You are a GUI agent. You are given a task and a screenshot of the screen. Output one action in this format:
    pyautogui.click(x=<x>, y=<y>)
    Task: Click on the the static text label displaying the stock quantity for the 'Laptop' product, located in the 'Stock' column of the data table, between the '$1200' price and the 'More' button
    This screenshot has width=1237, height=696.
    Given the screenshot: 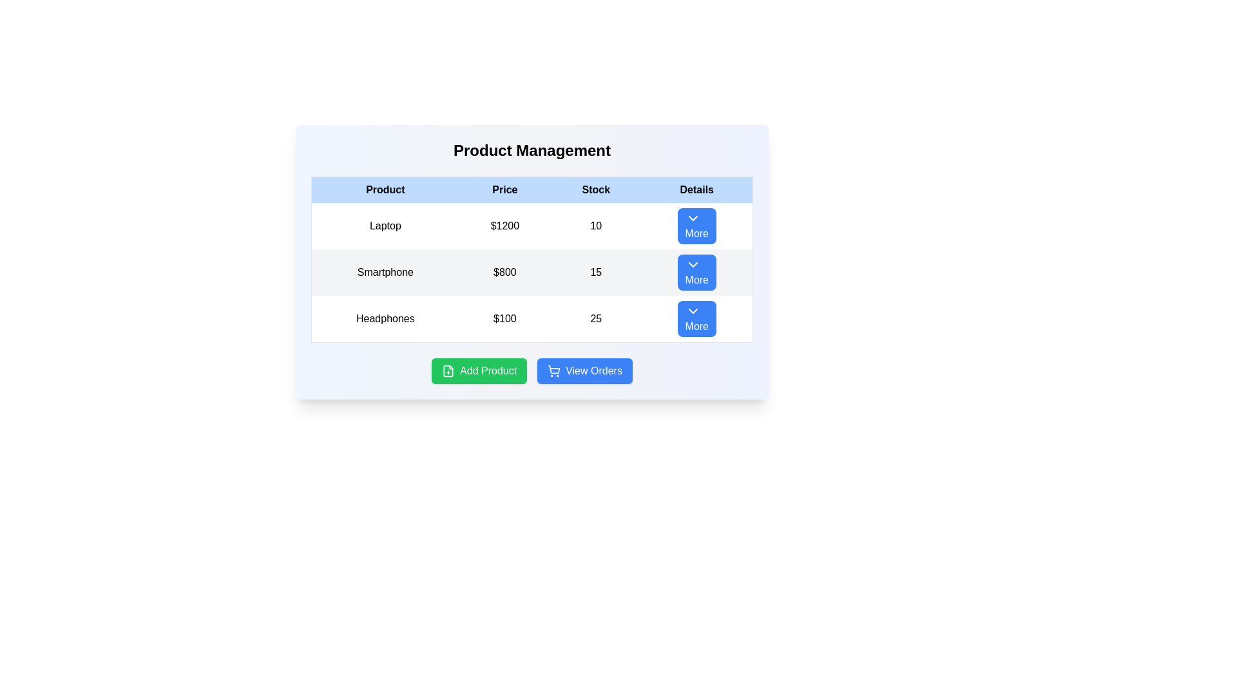 What is the action you would take?
    pyautogui.click(x=595, y=226)
    